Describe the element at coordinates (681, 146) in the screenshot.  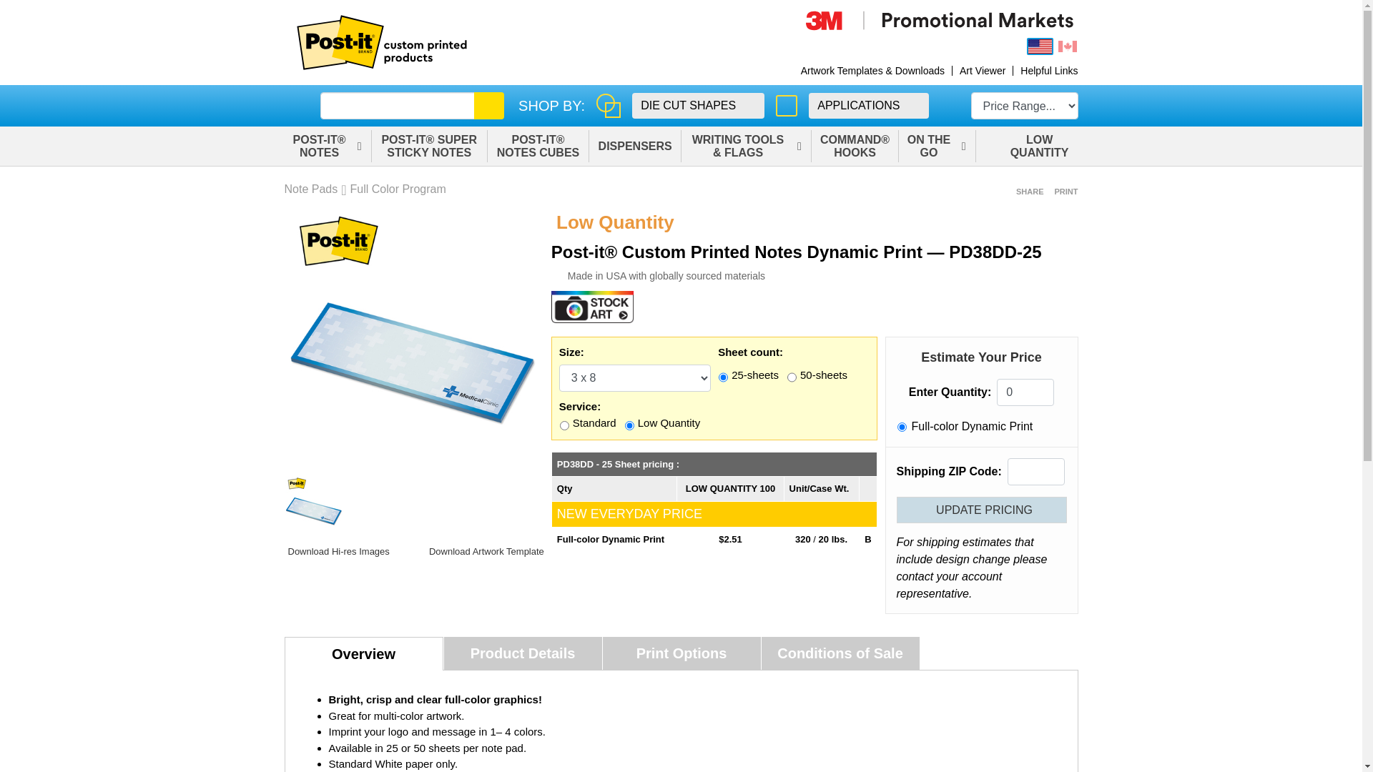
I see `'WRITING TOOLS` at that location.